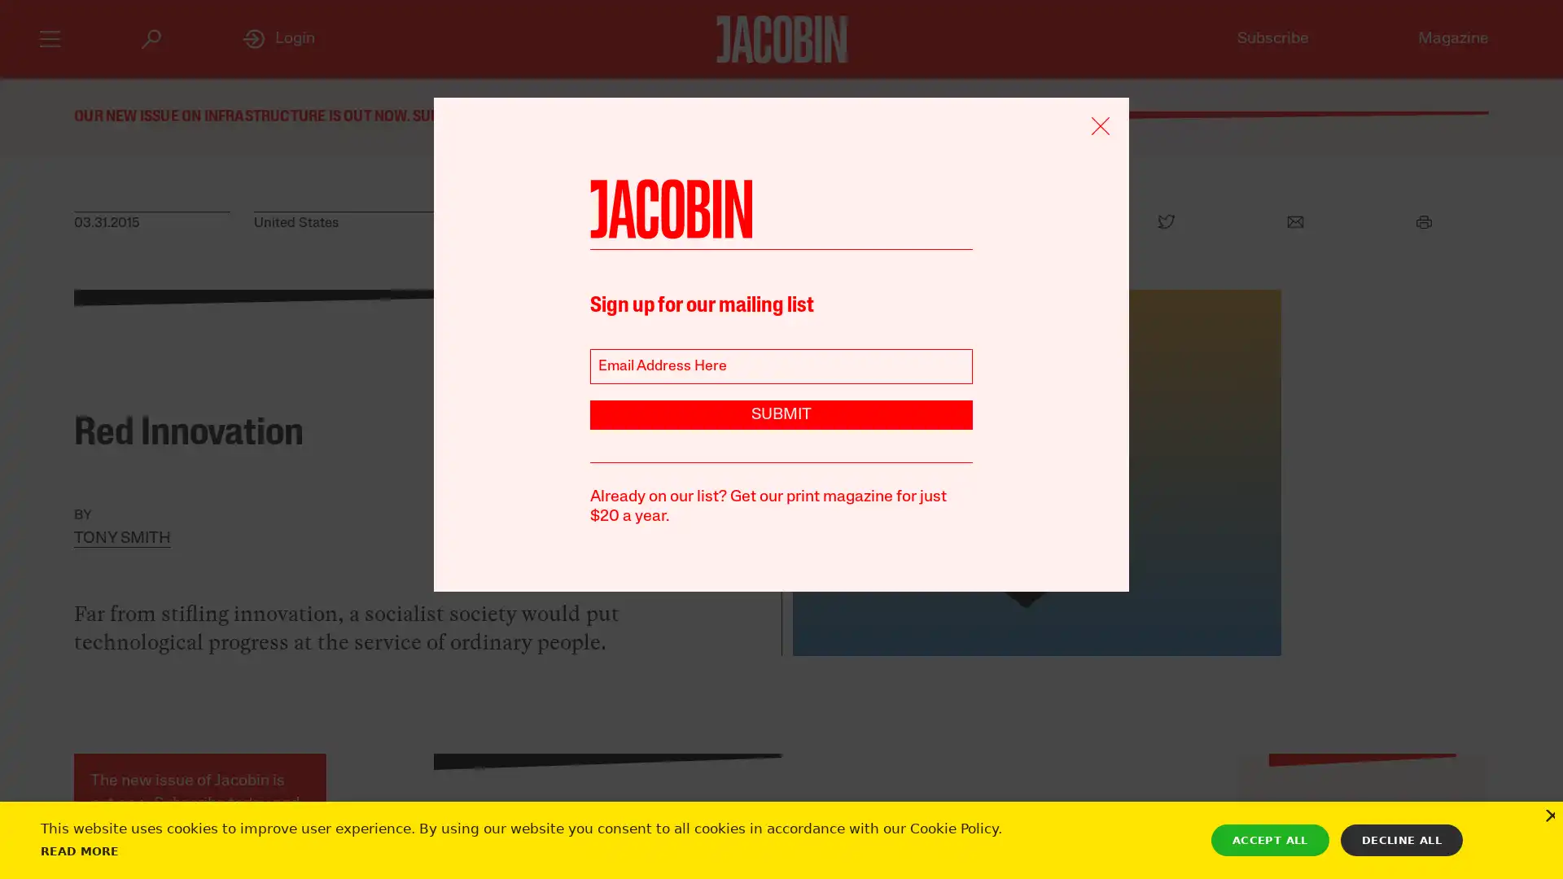 Image resolution: width=1563 pixels, height=879 pixels. What do you see at coordinates (1423, 221) in the screenshot?
I see `Print Icon` at bounding box center [1423, 221].